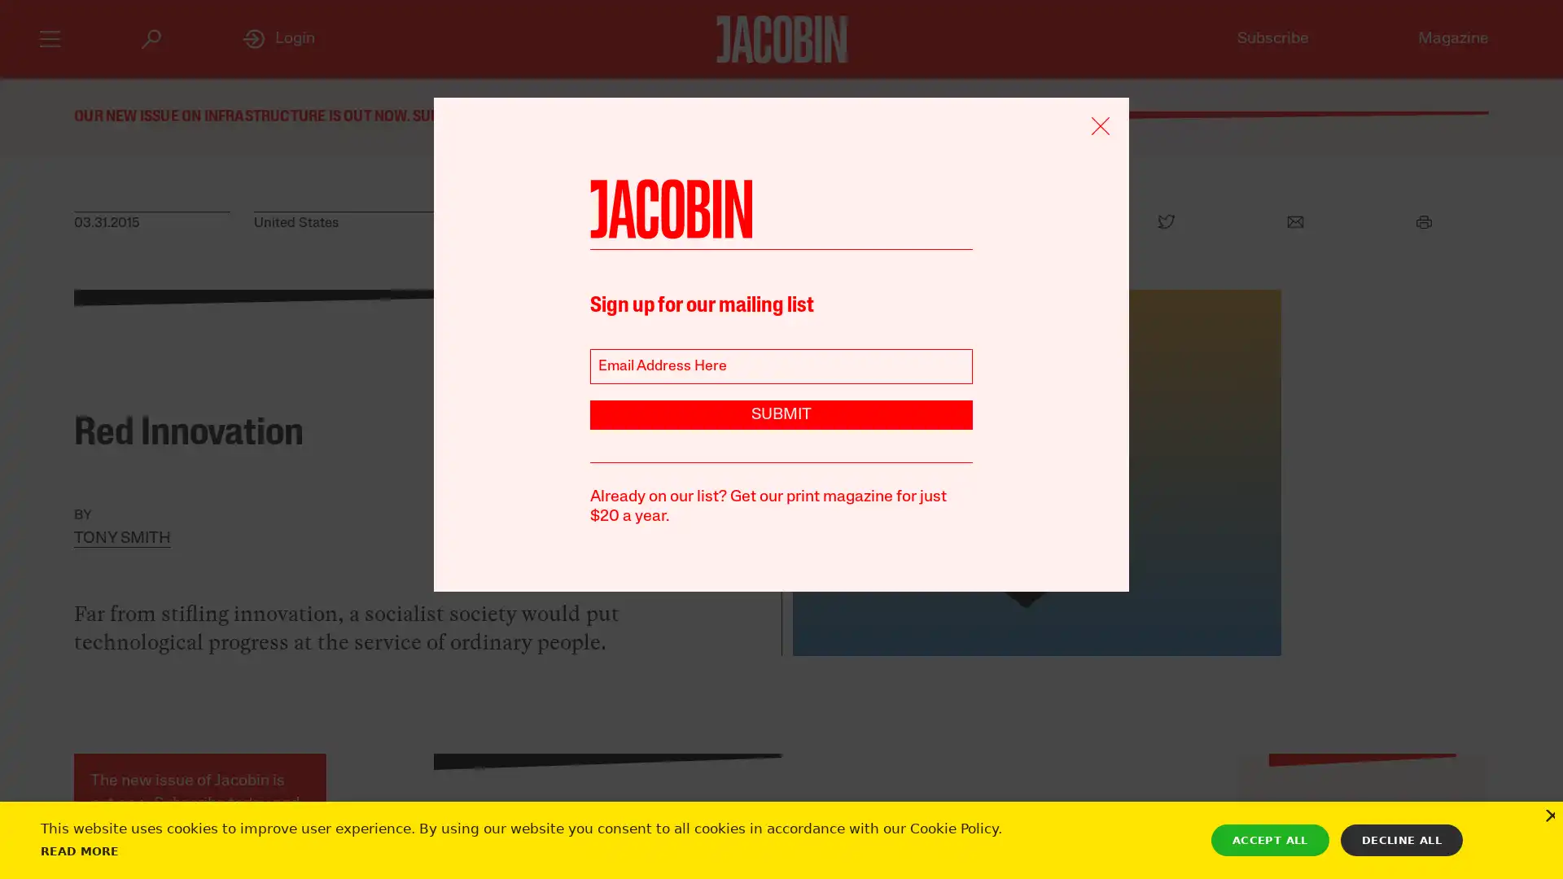 Image resolution: width=1563 pixels, height=879 pixels. What do you see at coordinates (1423, 221) in the screenshot?
I see `Print Icon` at bounding box center [1423, 221].